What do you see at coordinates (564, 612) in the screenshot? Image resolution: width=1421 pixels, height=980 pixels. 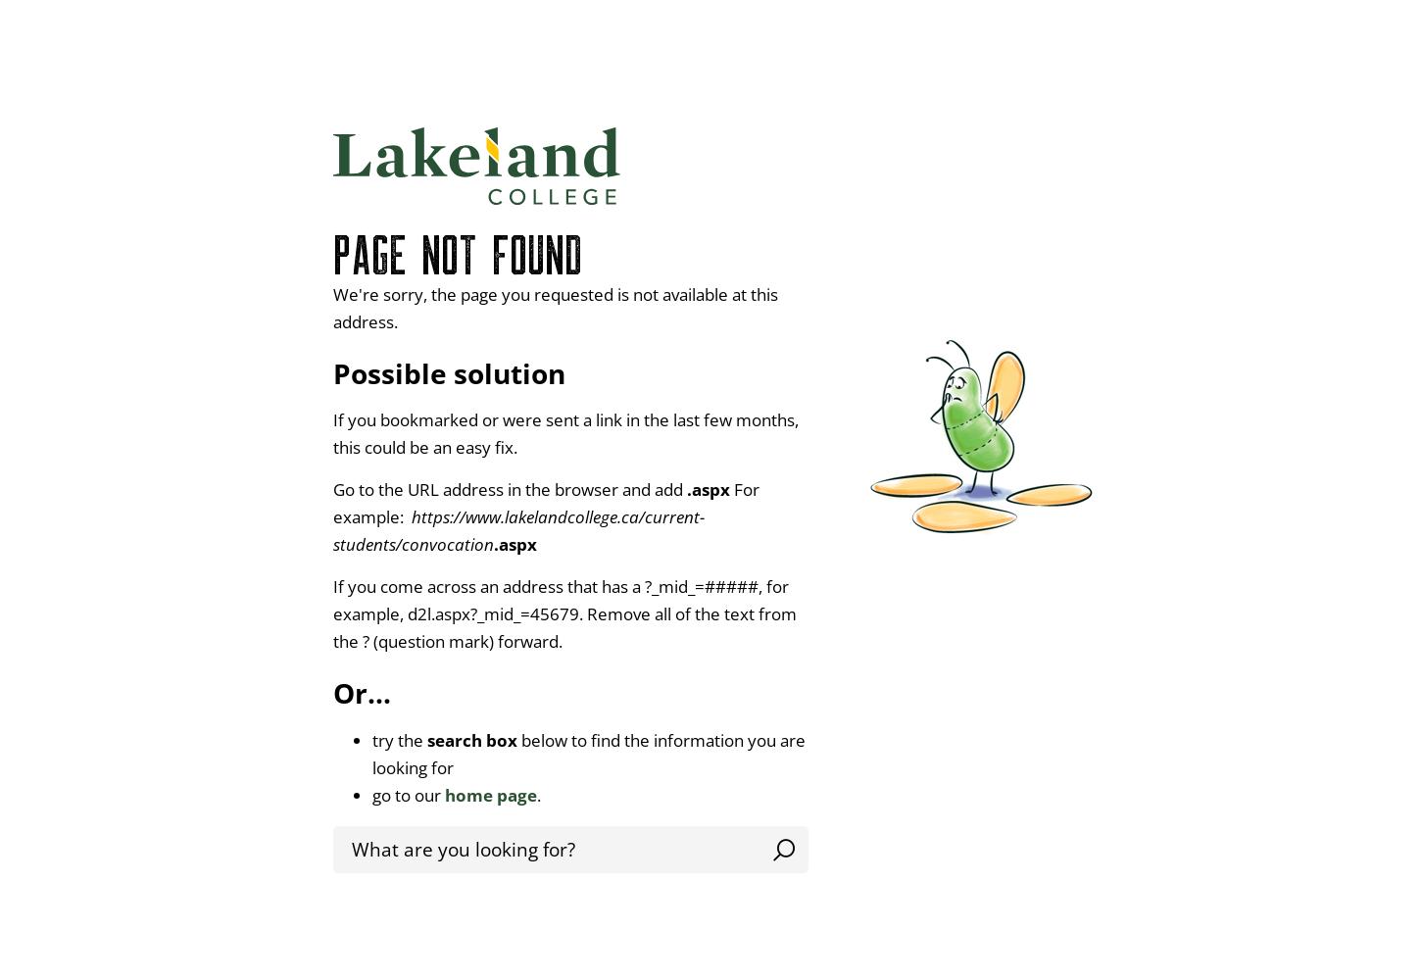 I see `'If you come across an address that has a ?_mid_=#####, for example, d2l.aspx?_mid_=45679. Remove all of the text from the ? (question mark) forward.'` at bounding box center [564, 612].